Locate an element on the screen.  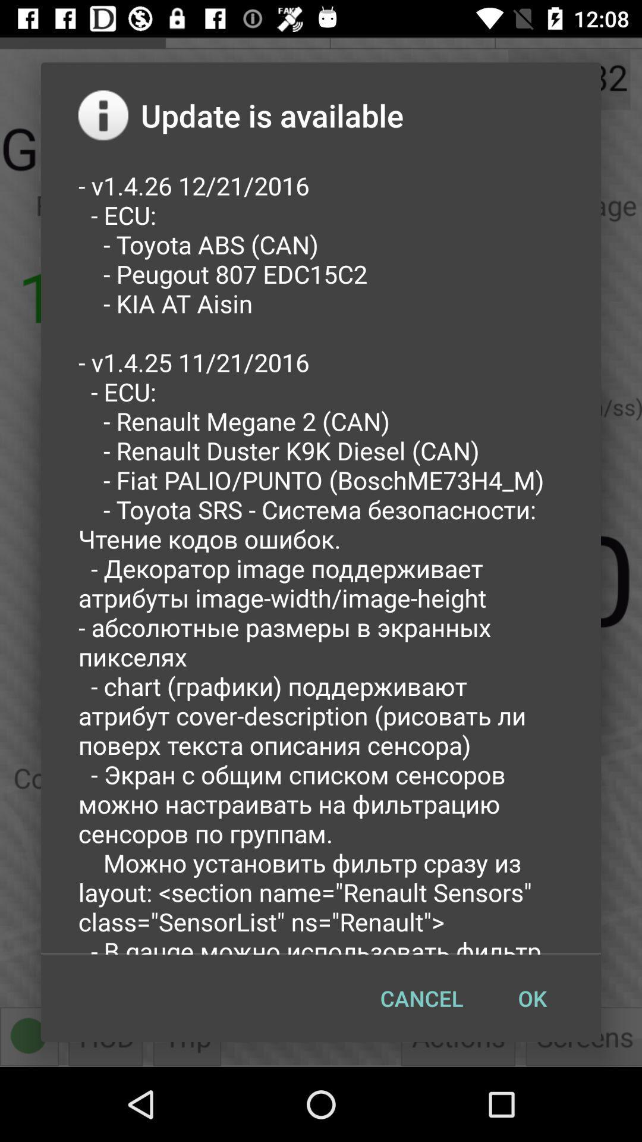
the item to the left of the ok item is located at coordinates (421, 998).